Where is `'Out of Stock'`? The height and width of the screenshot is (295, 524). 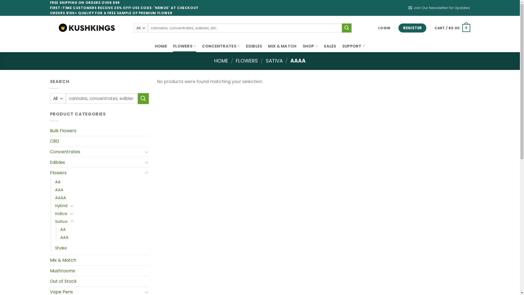 'Out of Stock' is located at coordinates (99, 281).